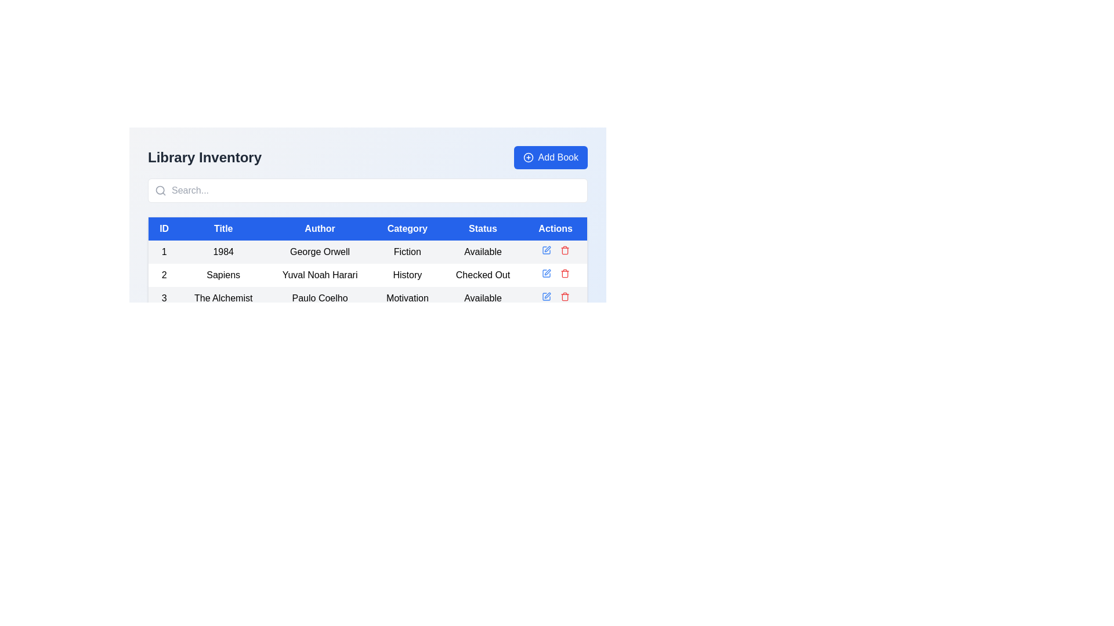  I want to click on the text element 'The Alchemist' located in the second column of the third row of the table, so click(223, 298).